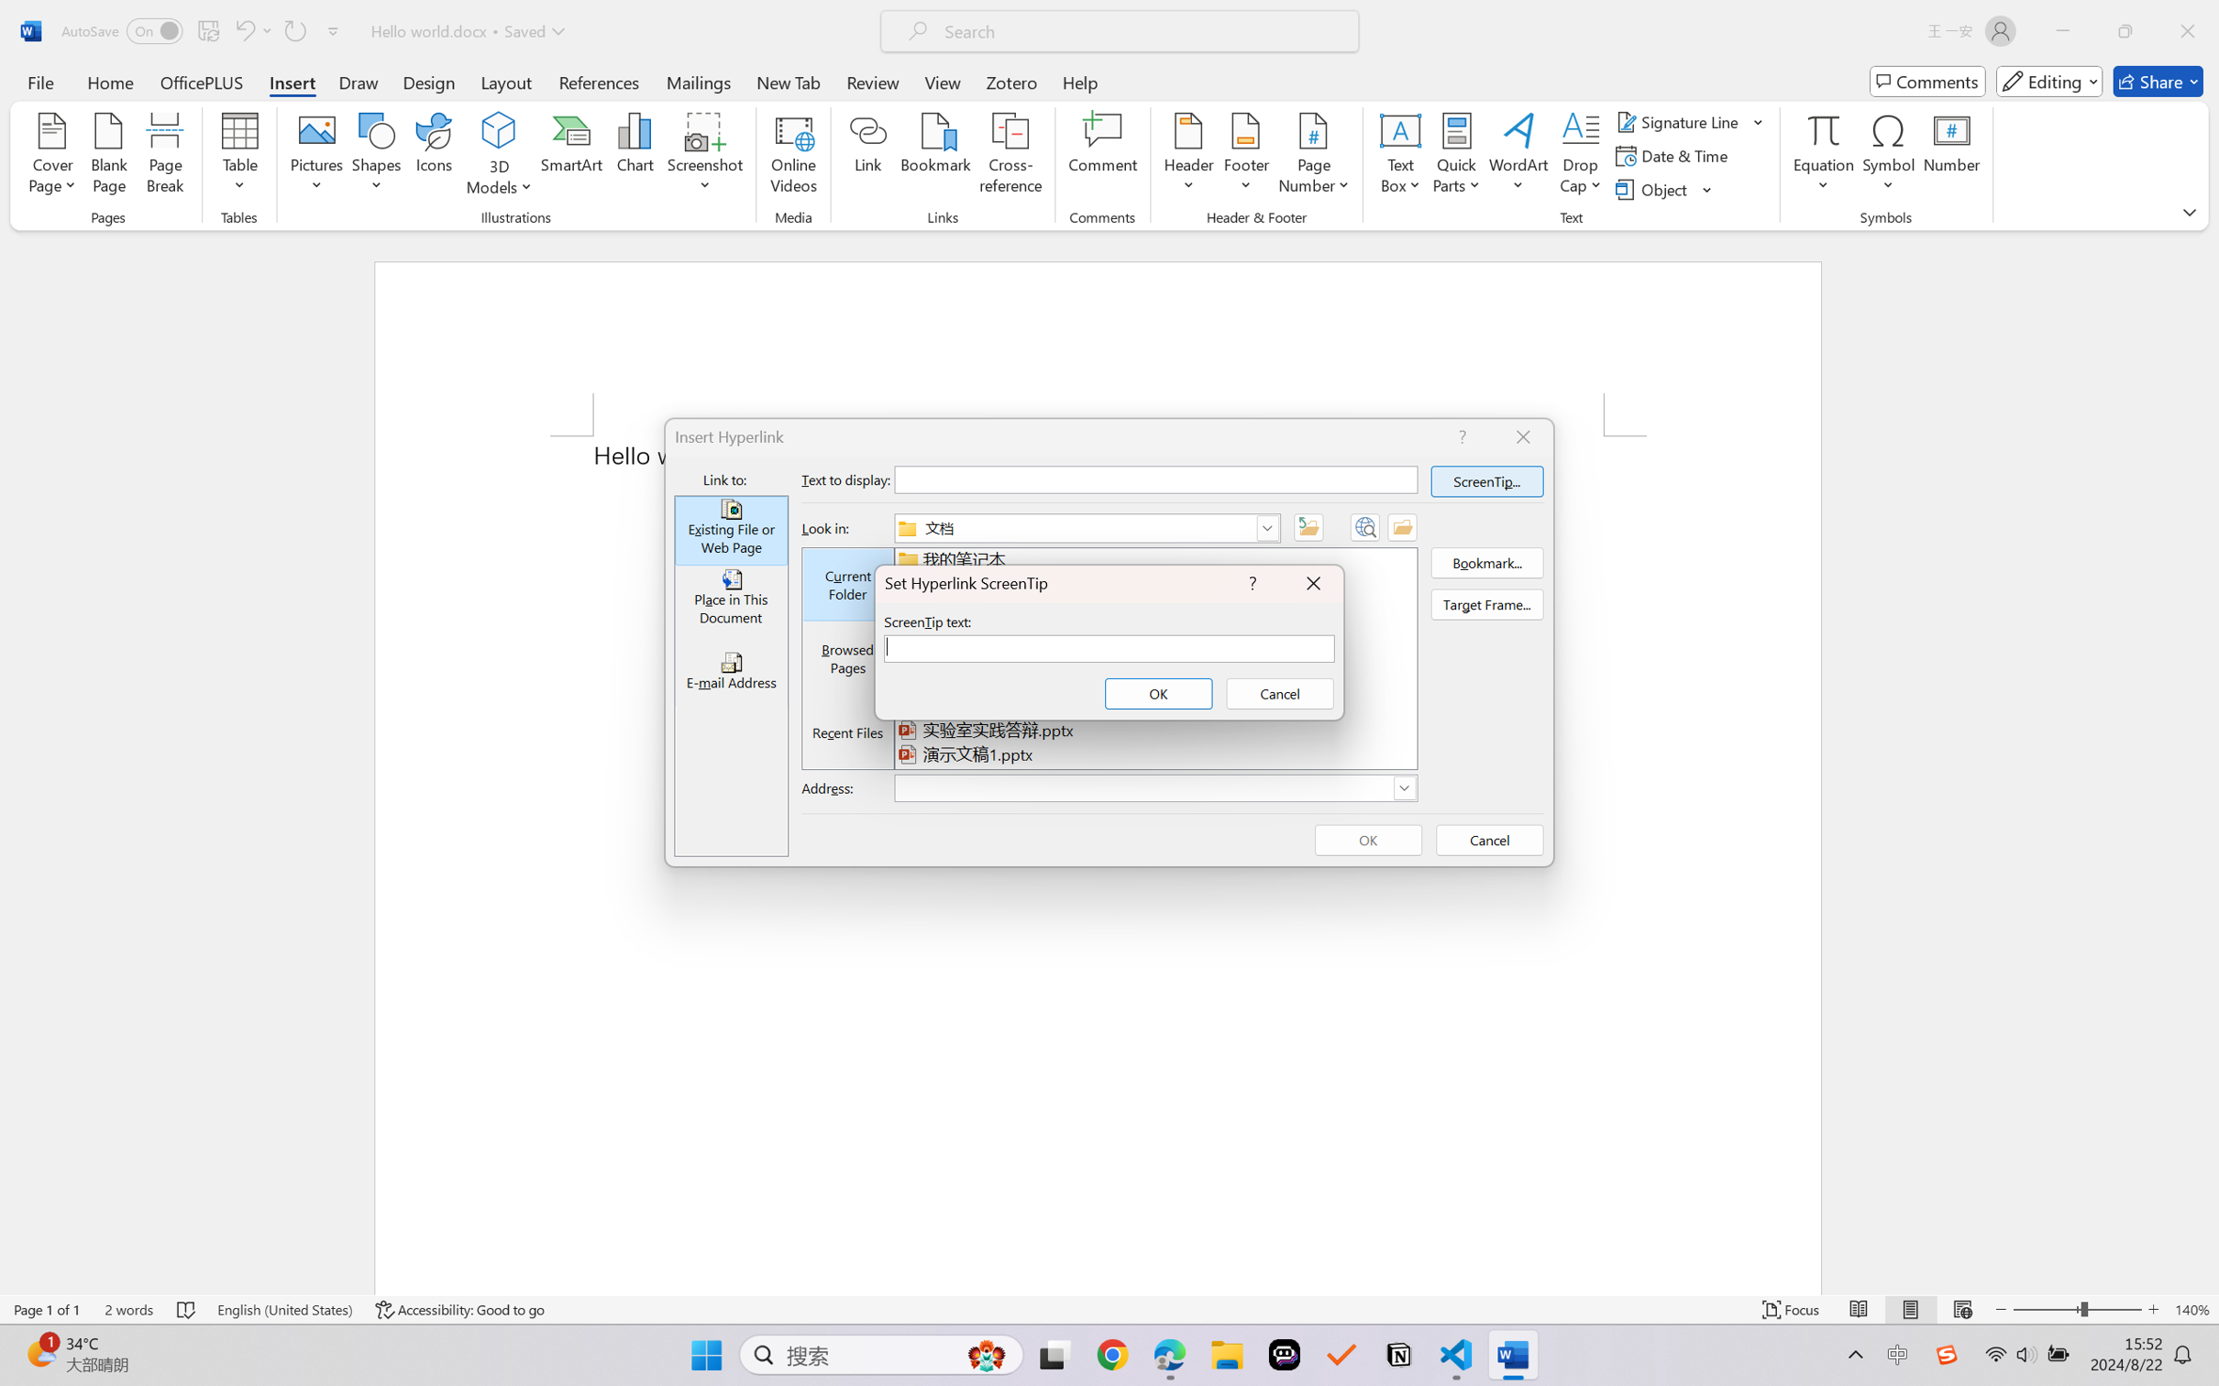 This screenshot has height=1386, width=2219. What do you see at coordinates (186, 1309) in the screenshot?
I see `'Spelling and Grammar Check No Errors'` at bounding box center [186, 1309].